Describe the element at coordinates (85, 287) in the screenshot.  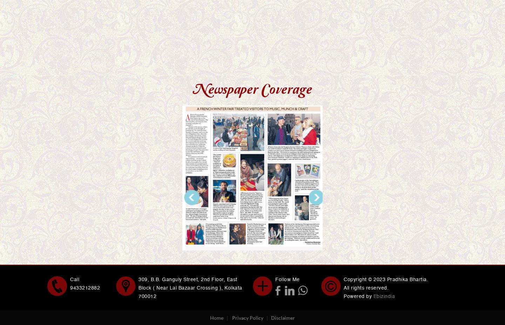
I see `'9433212882'` at that location.